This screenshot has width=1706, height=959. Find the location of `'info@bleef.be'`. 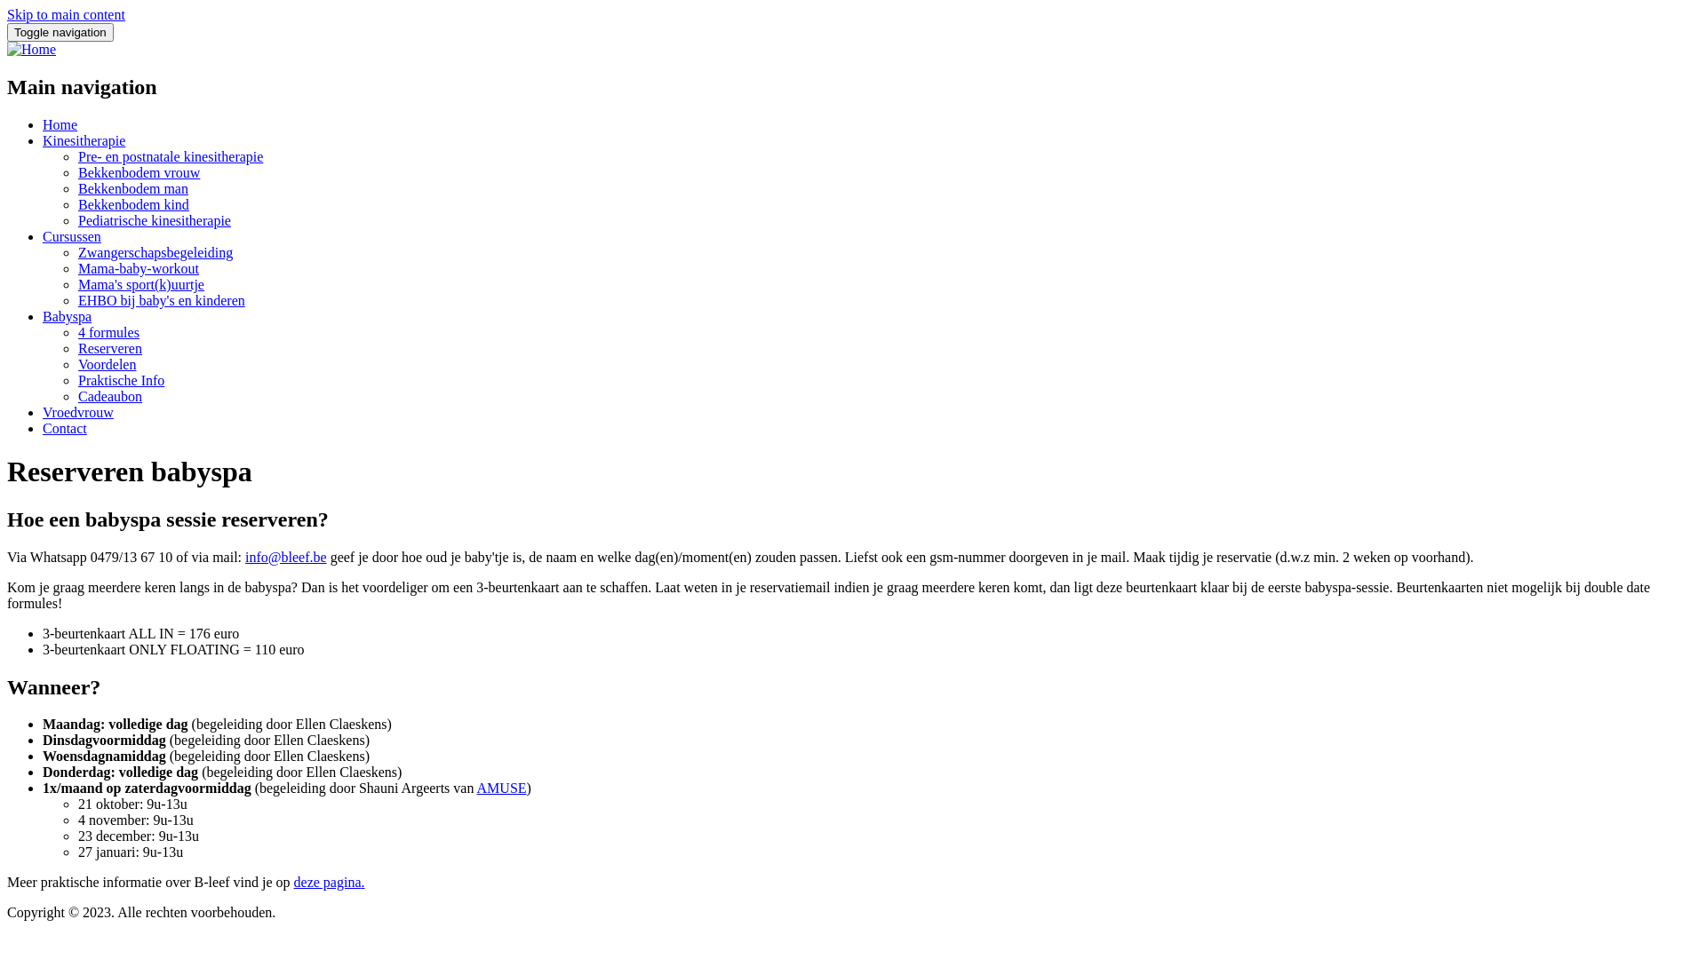

'info@bleef.be' is located at coordinates (285, 556).